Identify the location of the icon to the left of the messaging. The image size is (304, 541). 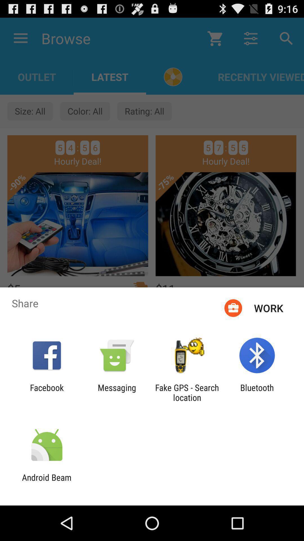
(46, 392).